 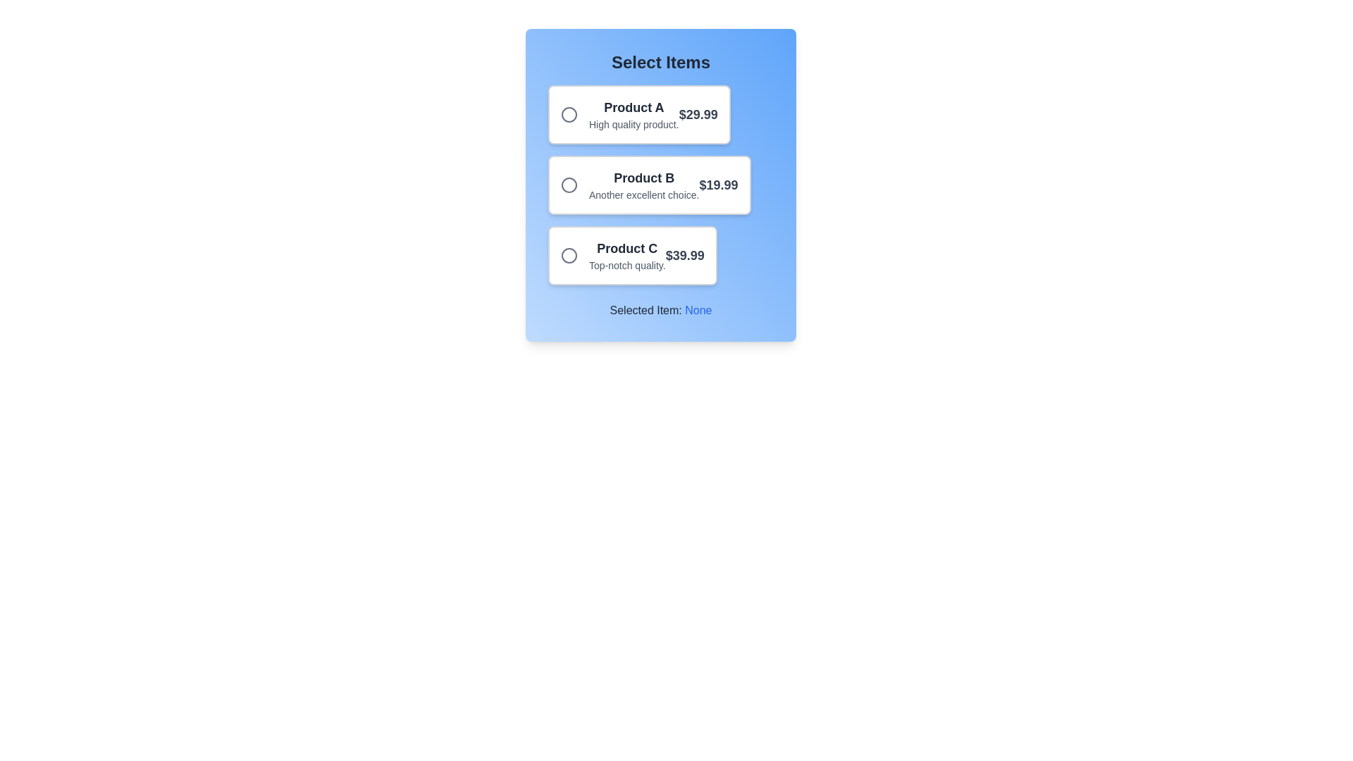 I want to click on the text block that displays 'Product C' and 'Top-notch quality.' within the third card of the vertically stacked list, so click(x=626, y=255).